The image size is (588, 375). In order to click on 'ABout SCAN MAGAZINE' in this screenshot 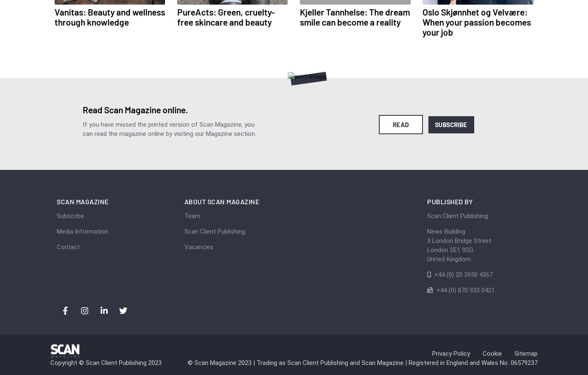, I will do `click(221, 201)`.